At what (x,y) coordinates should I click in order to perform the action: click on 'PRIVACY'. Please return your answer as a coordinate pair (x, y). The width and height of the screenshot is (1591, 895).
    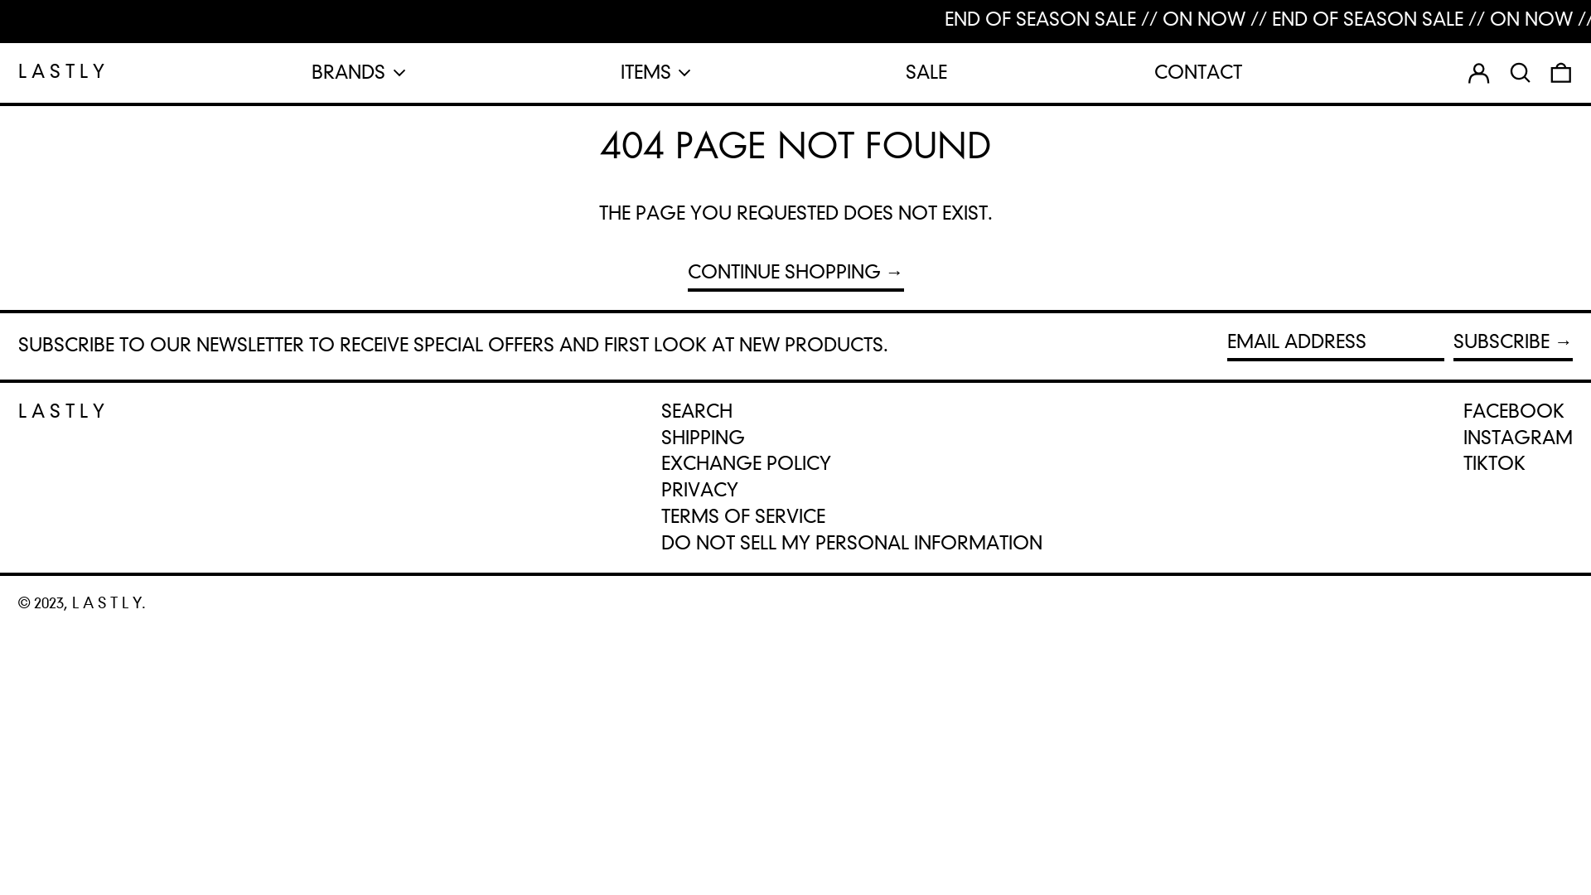
    Looking at the image, I should click on (660, 489).